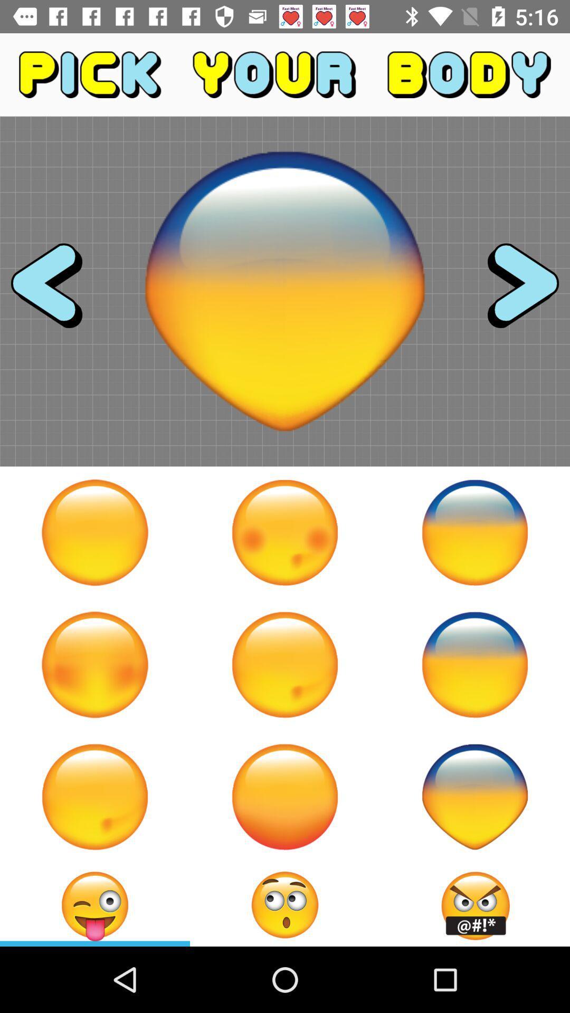 This screenshot has height=1013, width=570. I want to click on go back, so click(56, 291).